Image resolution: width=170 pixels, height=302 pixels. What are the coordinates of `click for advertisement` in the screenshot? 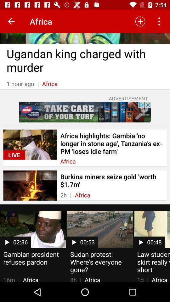 It's located at (85, 112).